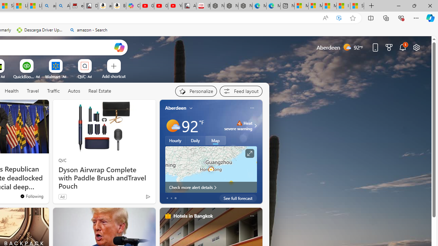  What do you see at coordinates (215, 140) in the screenshot?
I see `'Map'` at bounding box center [215, 140].